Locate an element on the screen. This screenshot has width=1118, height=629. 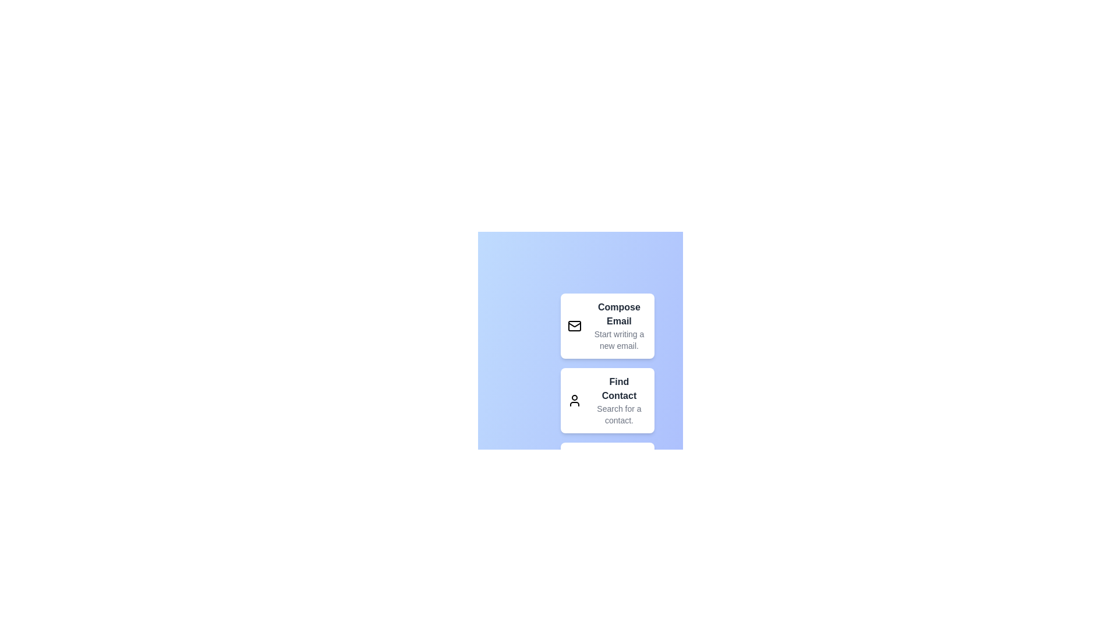
the circular button to toggle the menu visibility is located at coordinates (581, 546).